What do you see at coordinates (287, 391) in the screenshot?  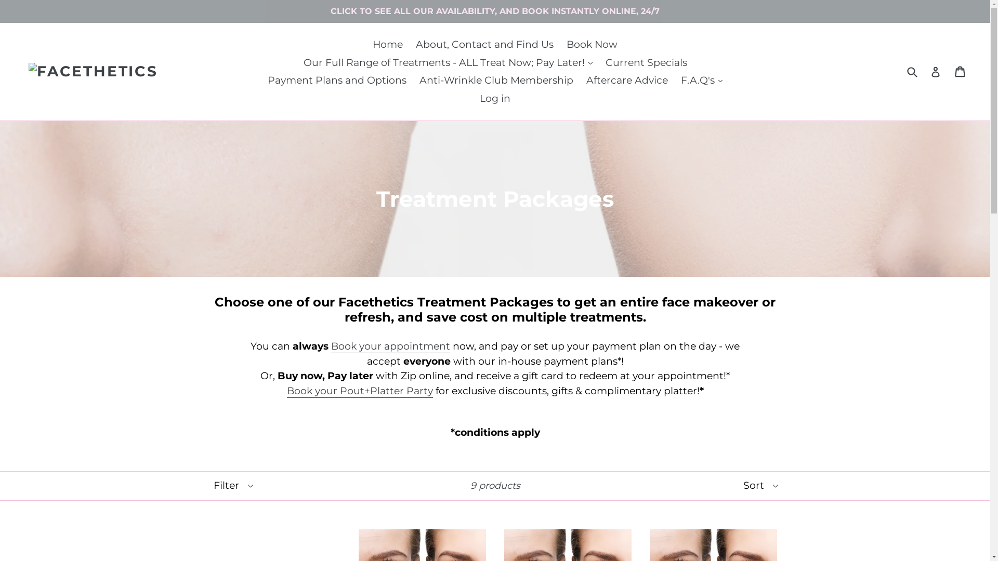 I see `'Book your Pout+Platter Party'` at bounding box center [287, 391].